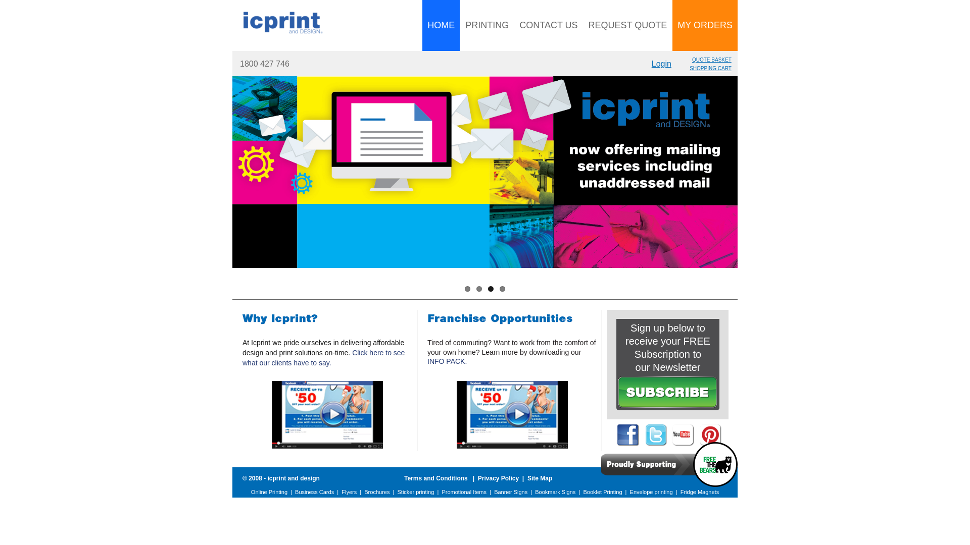 The height and width of the screenshot is (545, 970). Describe the element at coordinates (478, 289) in the screenshot. I see `'2'` at that location.